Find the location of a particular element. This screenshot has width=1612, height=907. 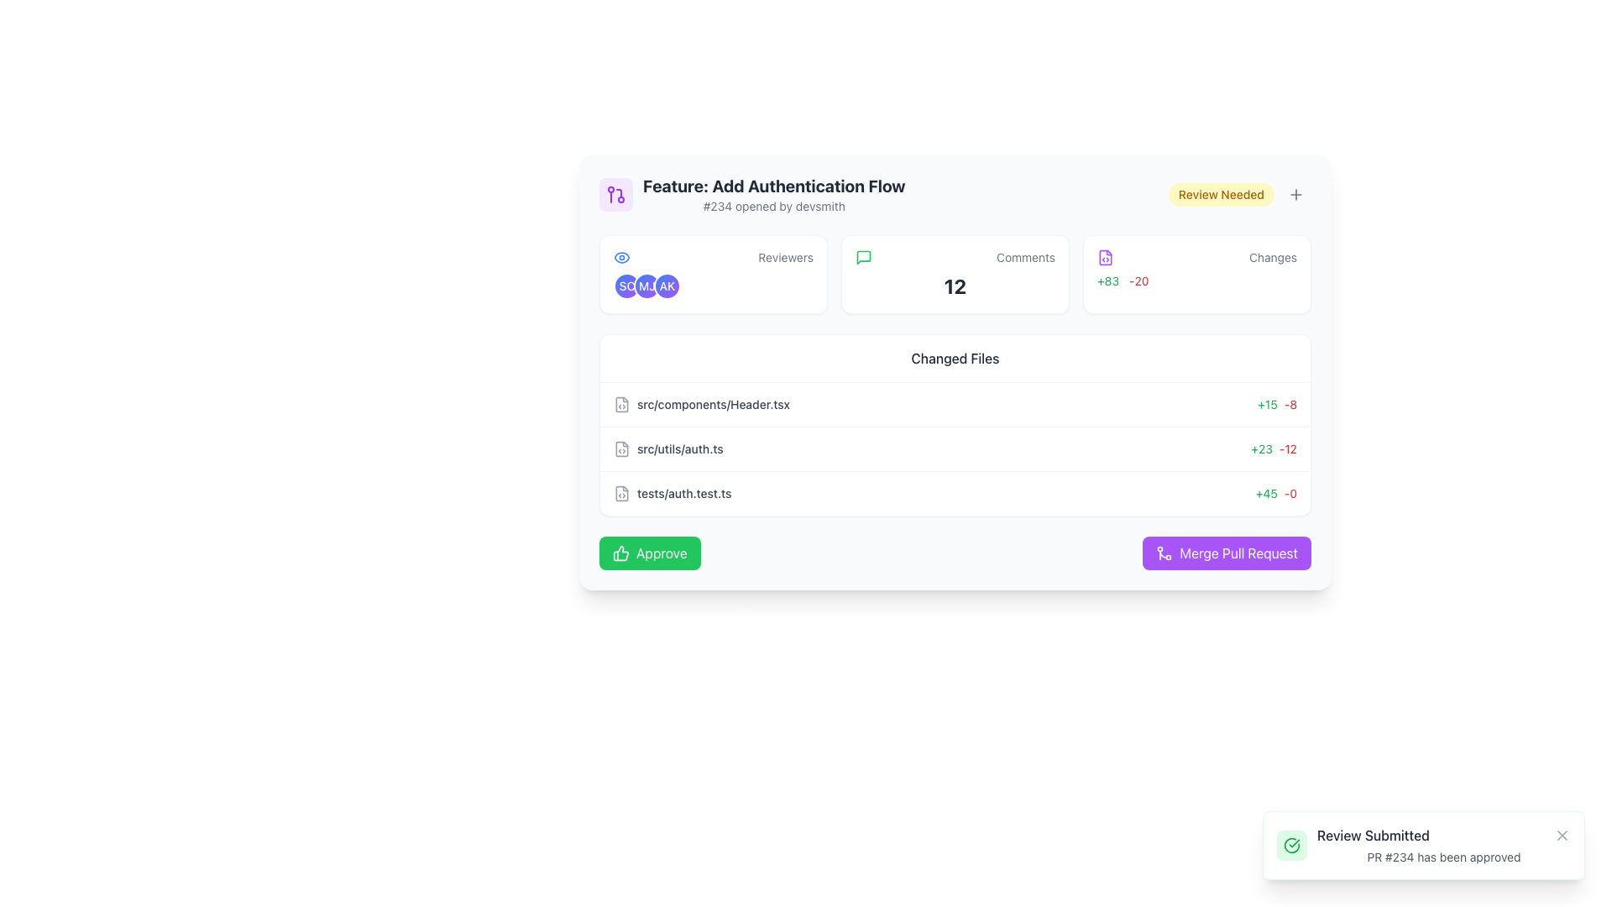

the circular icon with a green outline and a checkmark inside it, located in the bottom-right corner of the notification card, to the left of the text 'Review Submitted' is located at coordinates (1291, 845).